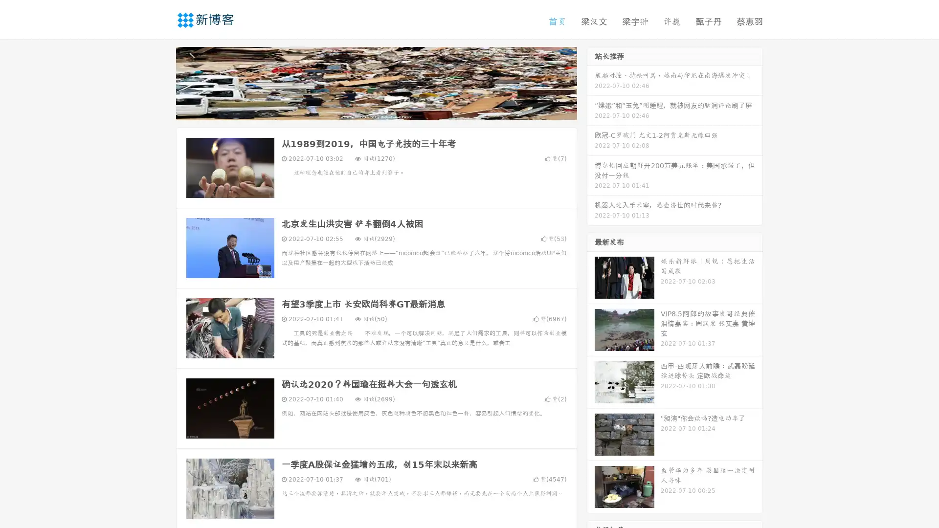 The image size is (939, 528). What do you see at coordinates (591, 82) in the screenshot?
I see `Next slide` at bounding box center [591, 82].